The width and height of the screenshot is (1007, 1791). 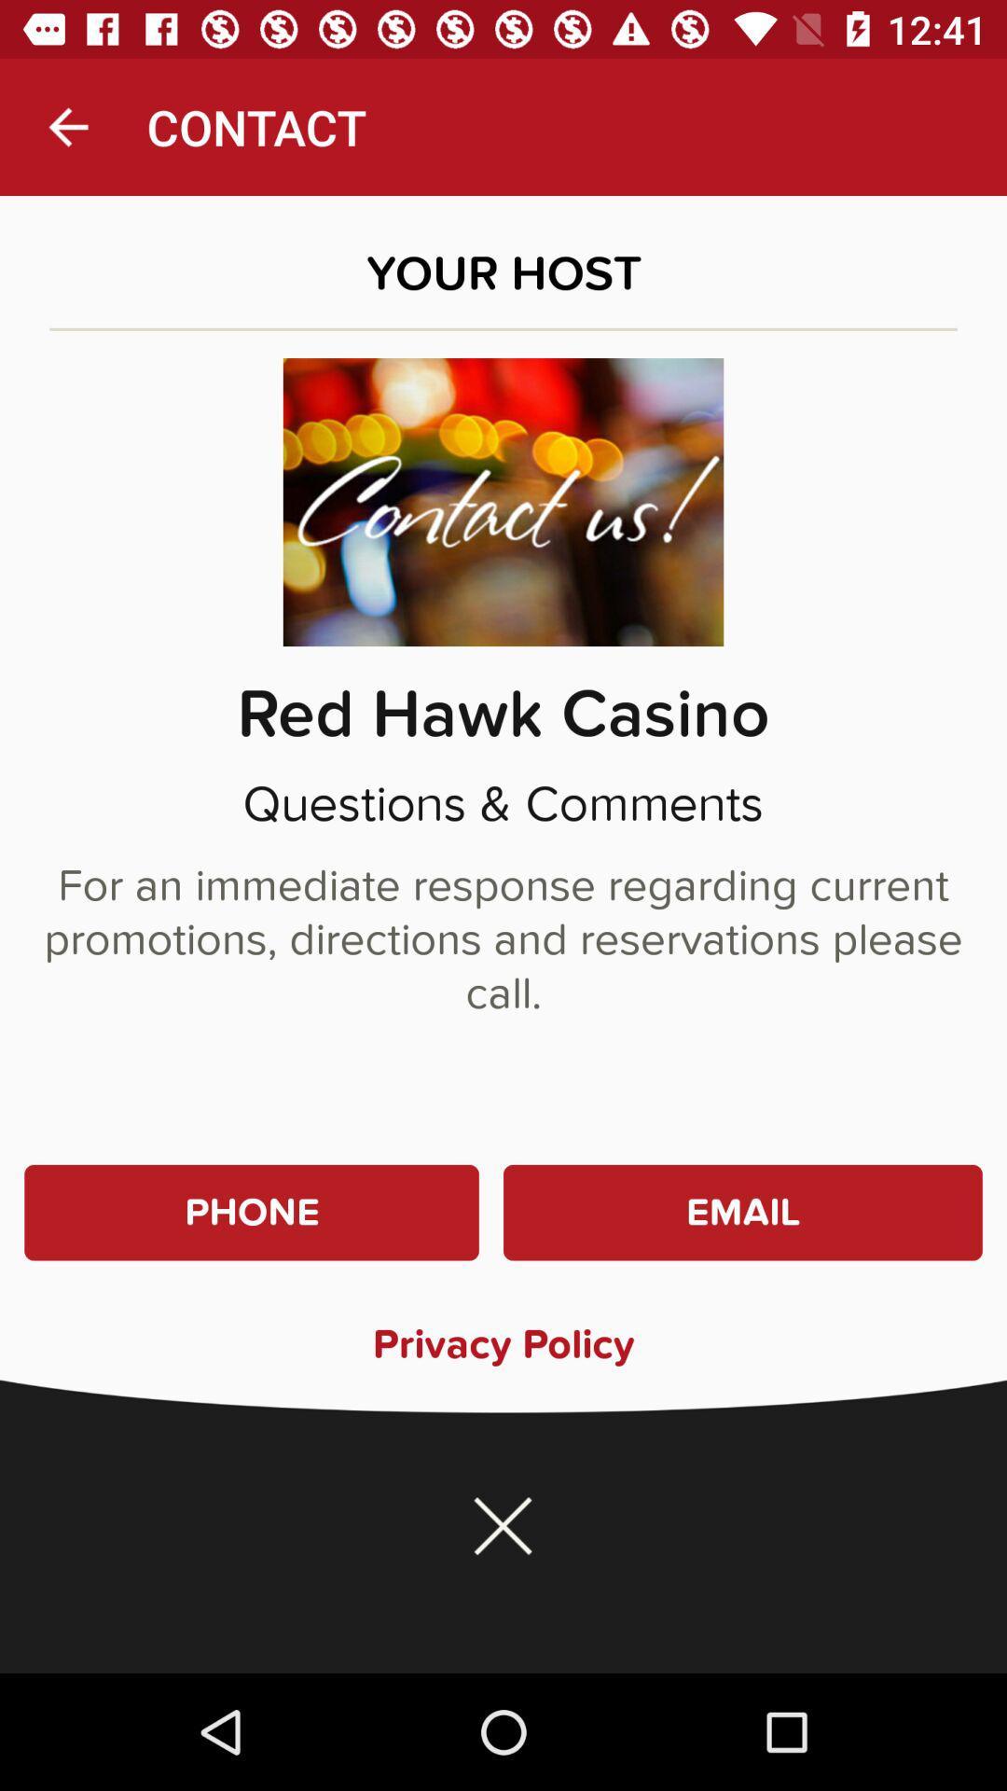 I want to click on exit screen, so click(x=504, y=1526).